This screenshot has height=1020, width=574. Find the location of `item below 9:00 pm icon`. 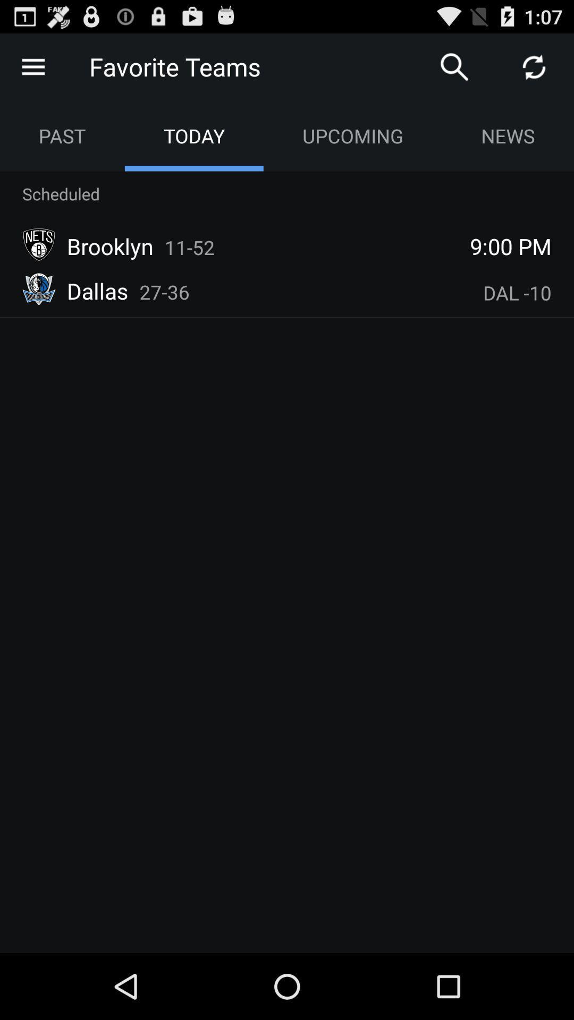

item below 9:00 pm icon is located at coordinates (517, 293).